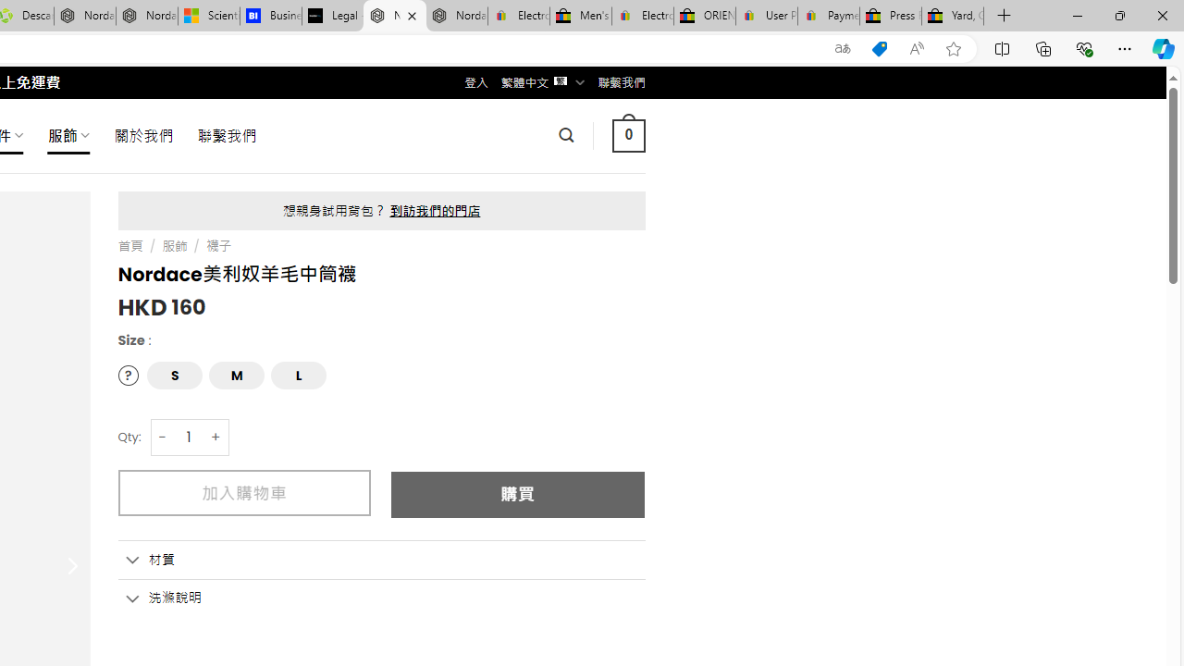  Describe the element at coordinates (628, 134) in the screenshot. I see `' 0 '` at that location.